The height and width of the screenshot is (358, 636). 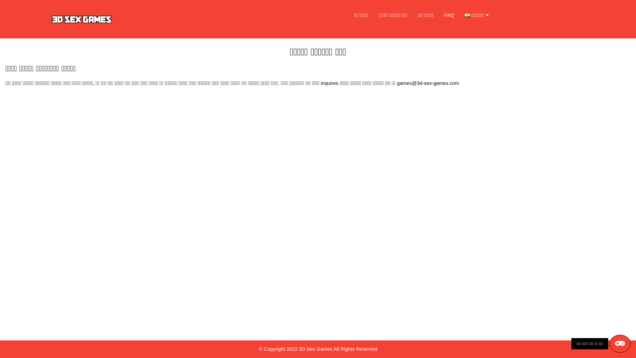 I want to click on 'FAQ', so click(x=449, y=15).